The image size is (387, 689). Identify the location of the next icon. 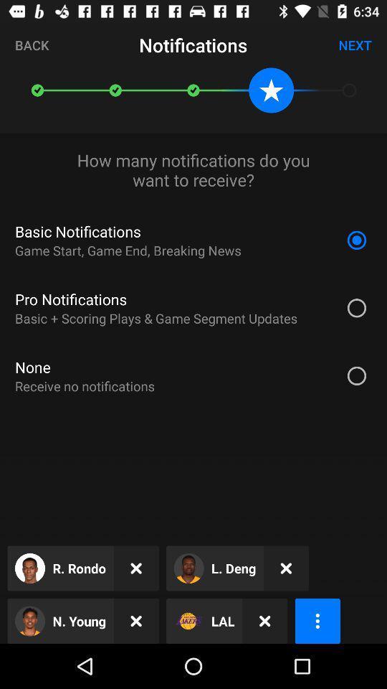
(354, 44).